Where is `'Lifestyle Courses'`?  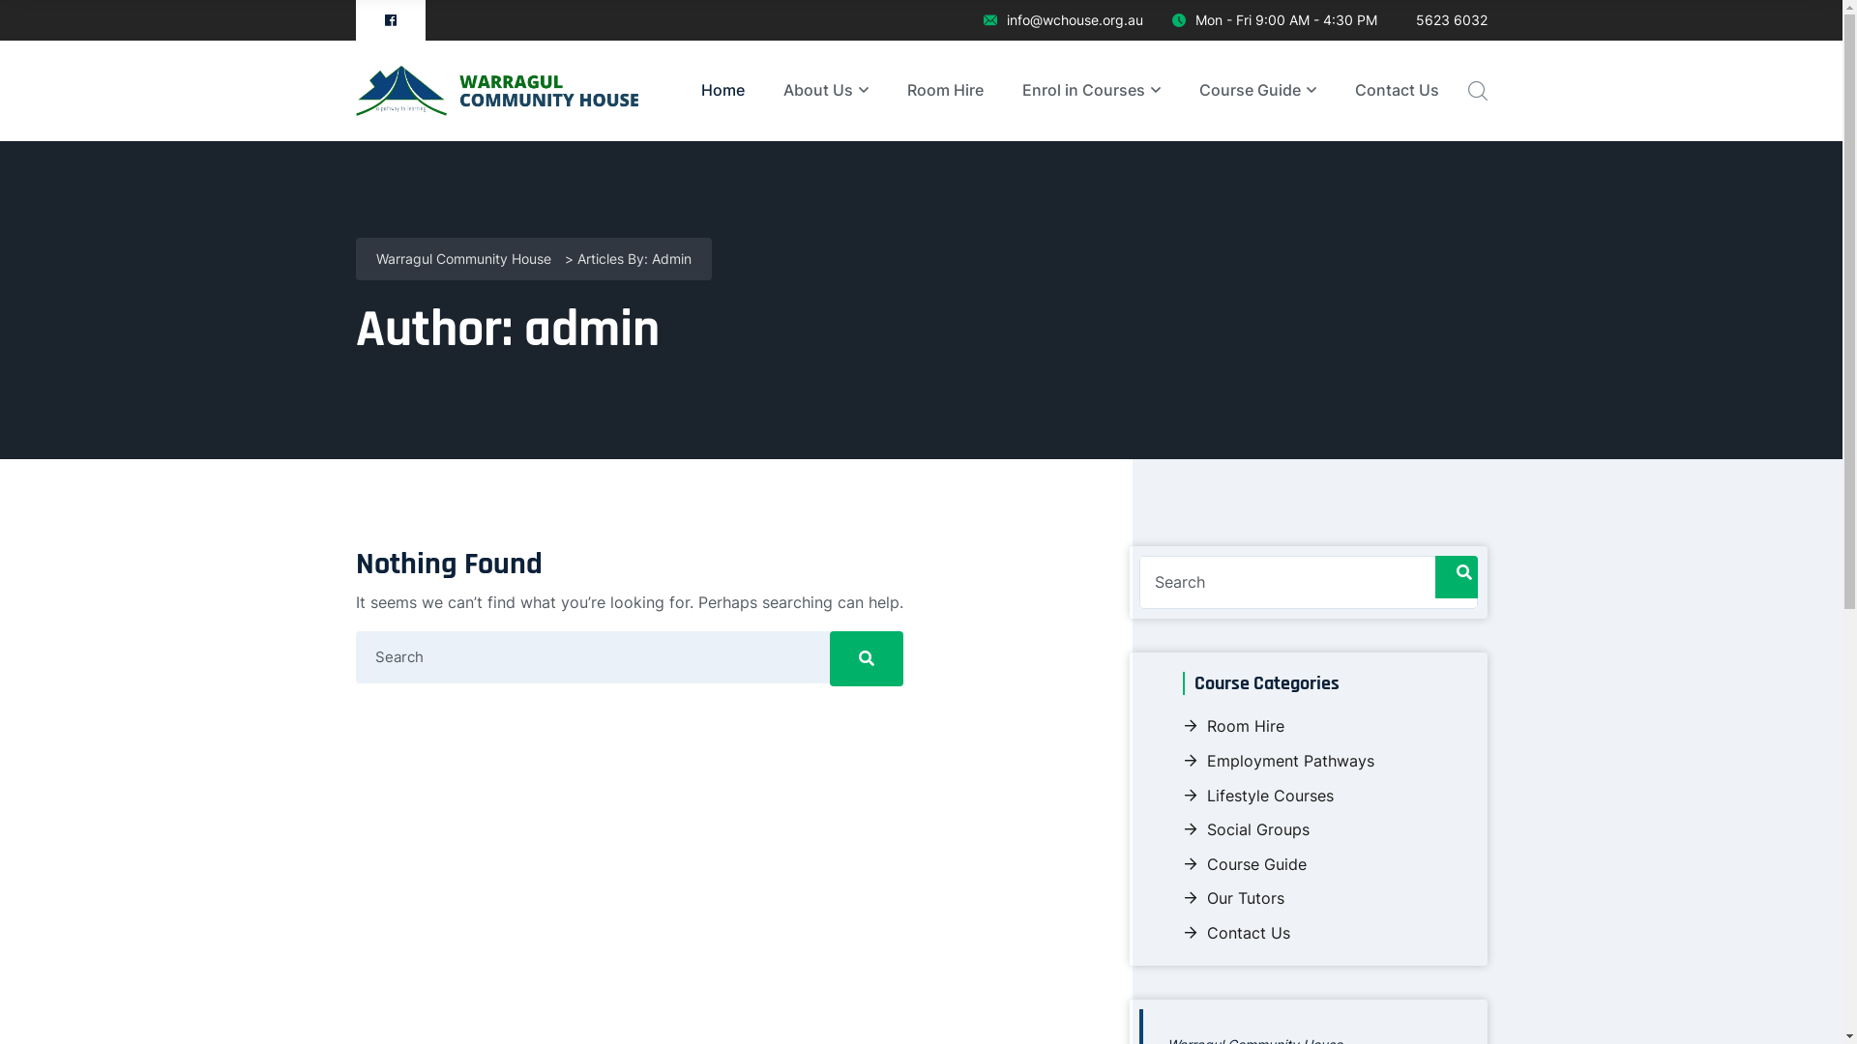
'Lifestyle Courses' is located at coordinates (1181, 795).